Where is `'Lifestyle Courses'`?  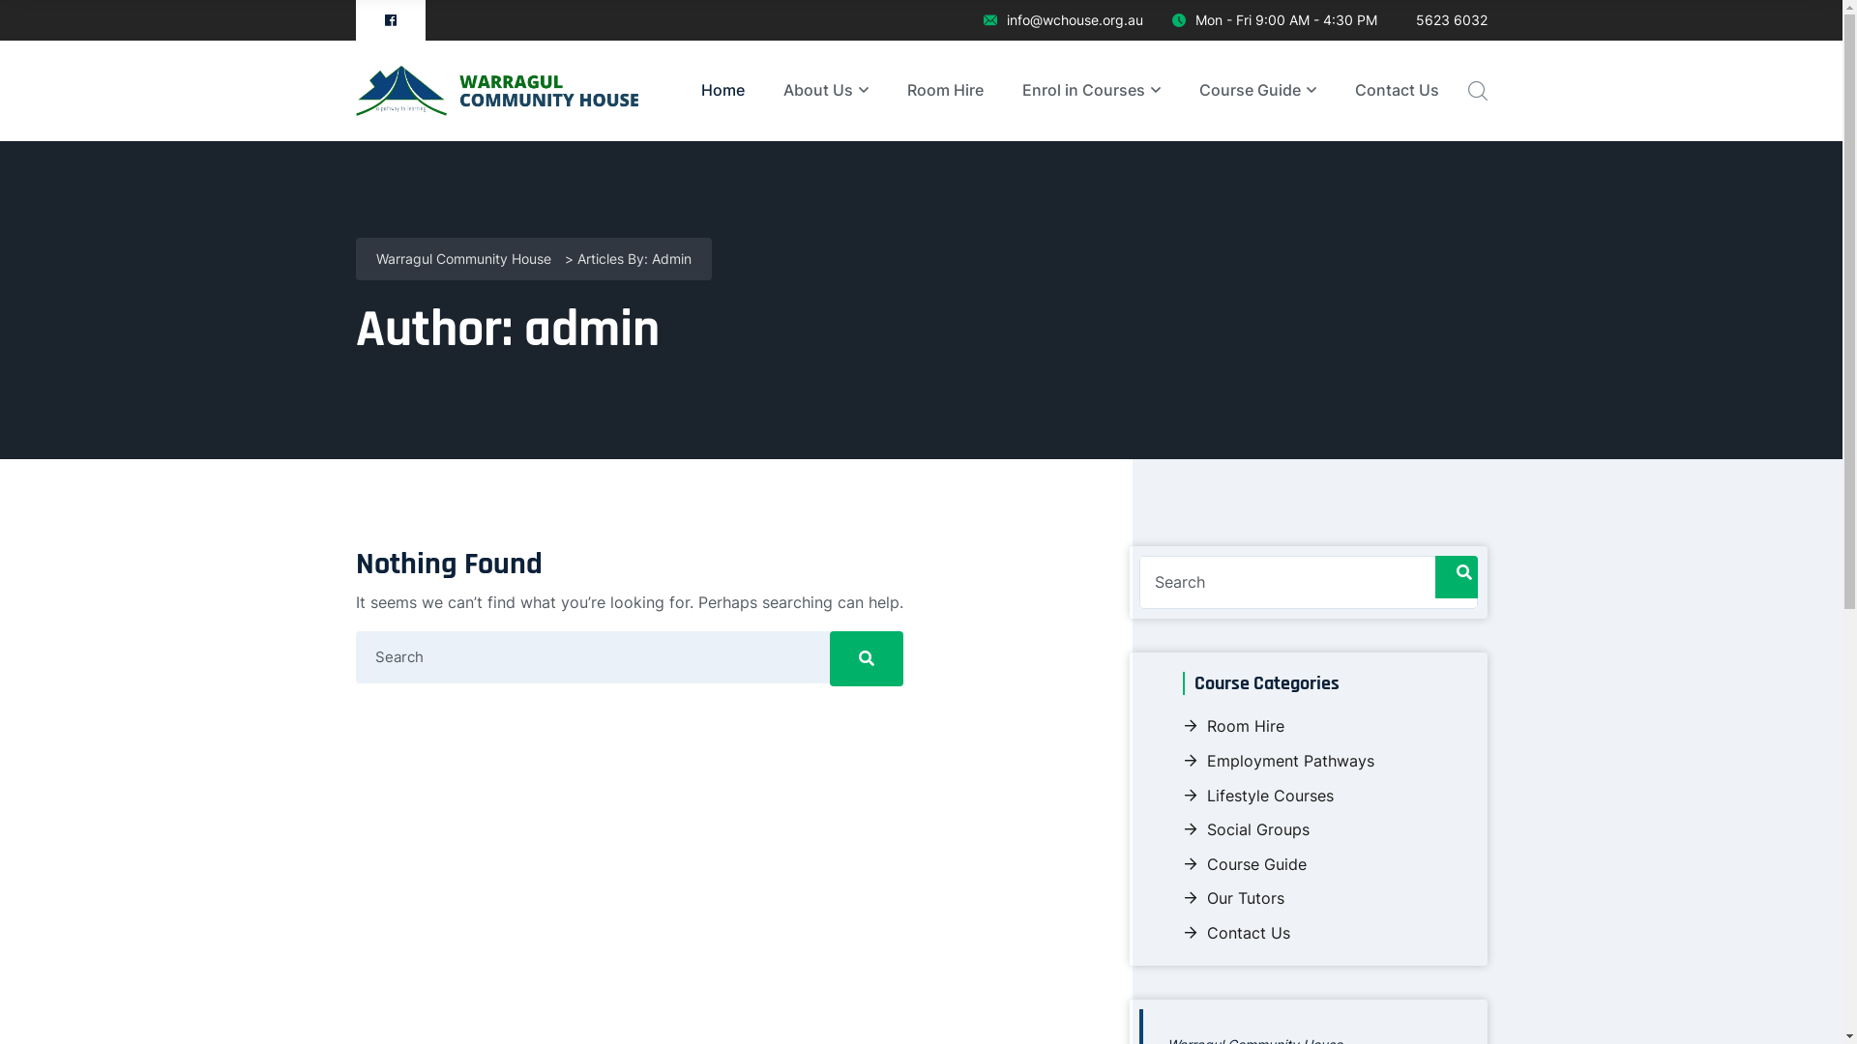
'Lifestyle Courses' is located at coordinates (1181, 795).